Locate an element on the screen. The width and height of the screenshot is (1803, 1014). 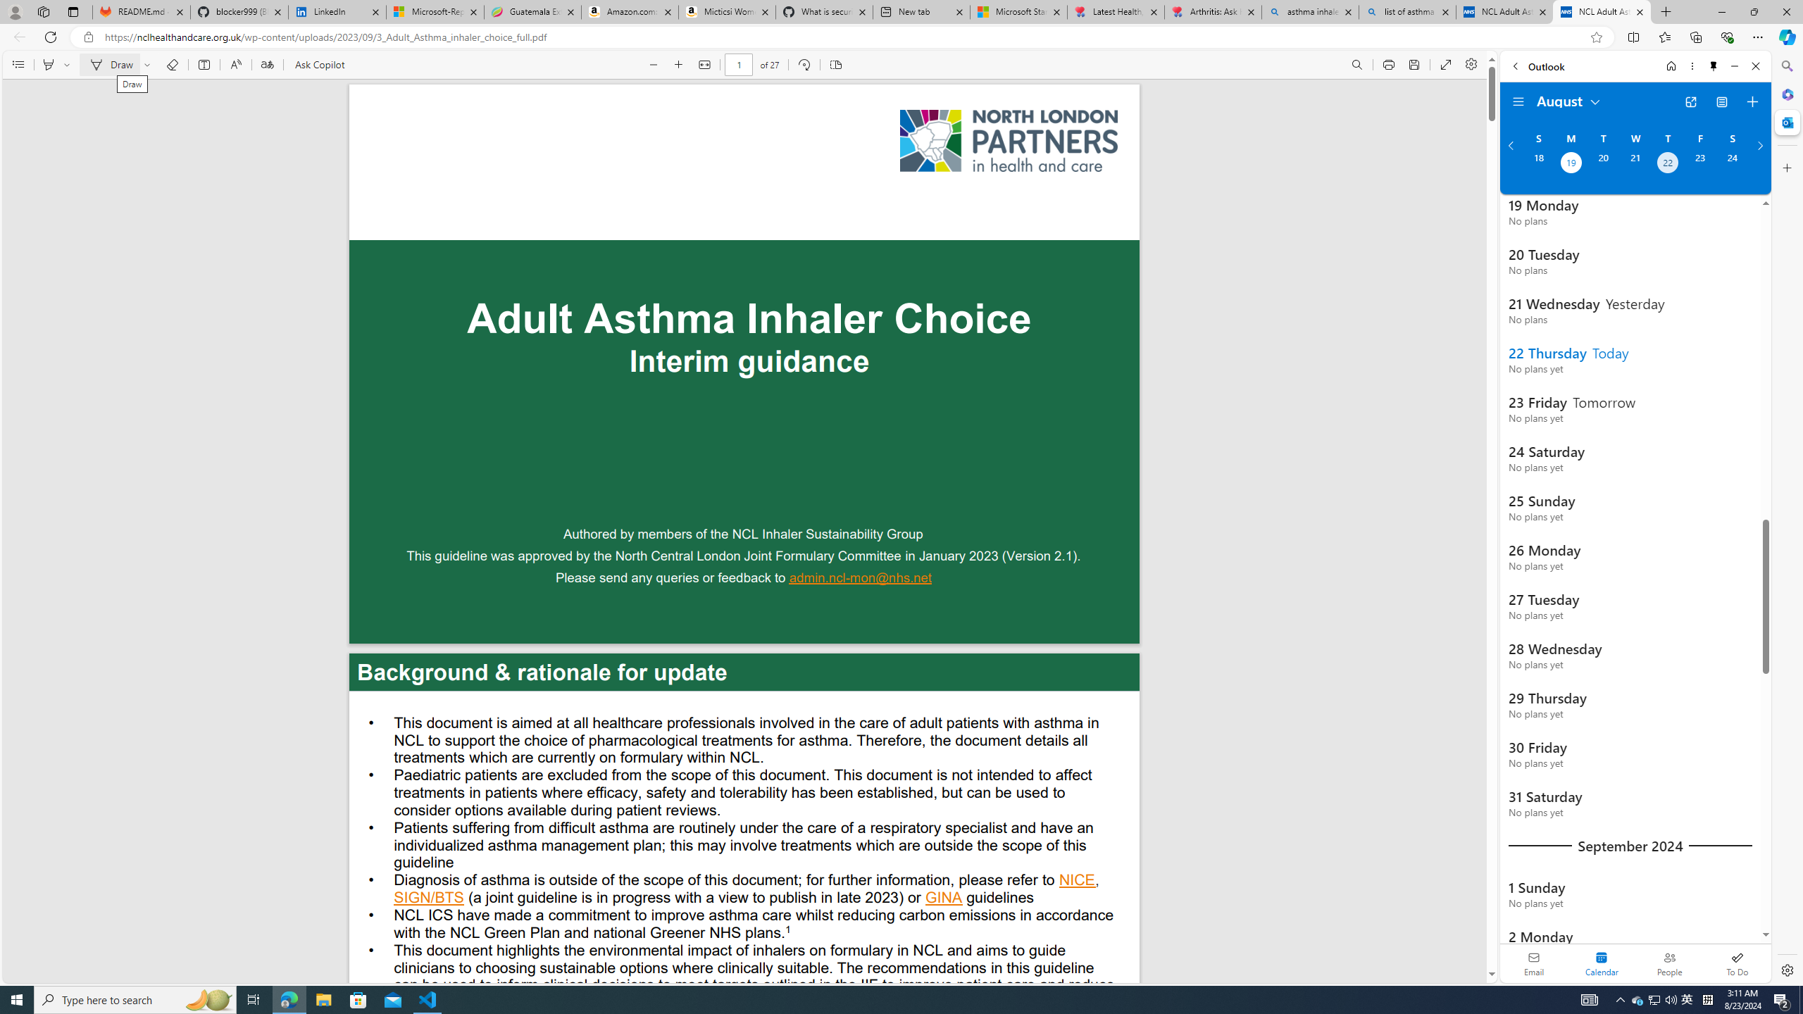
'Tuesday, August 20, 2024. ' is located at coordinates (1602, 164).